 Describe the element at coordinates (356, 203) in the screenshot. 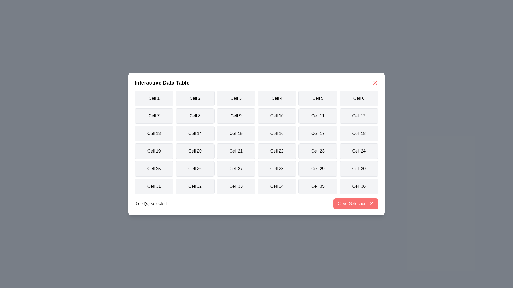

I see `the 'Clear Selection' button to clear all selected cells` at that location.